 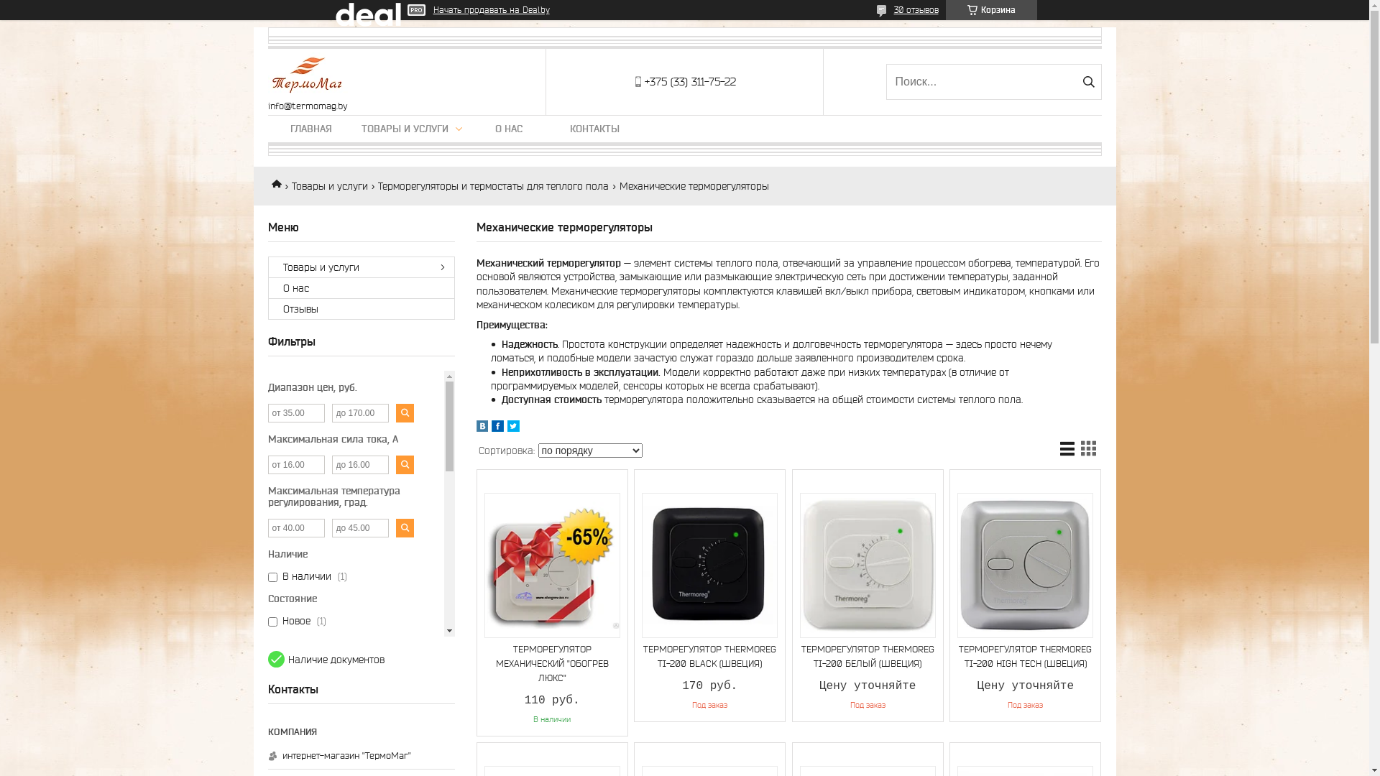 I want to click on 'facebook', so click(x=497, y=428).